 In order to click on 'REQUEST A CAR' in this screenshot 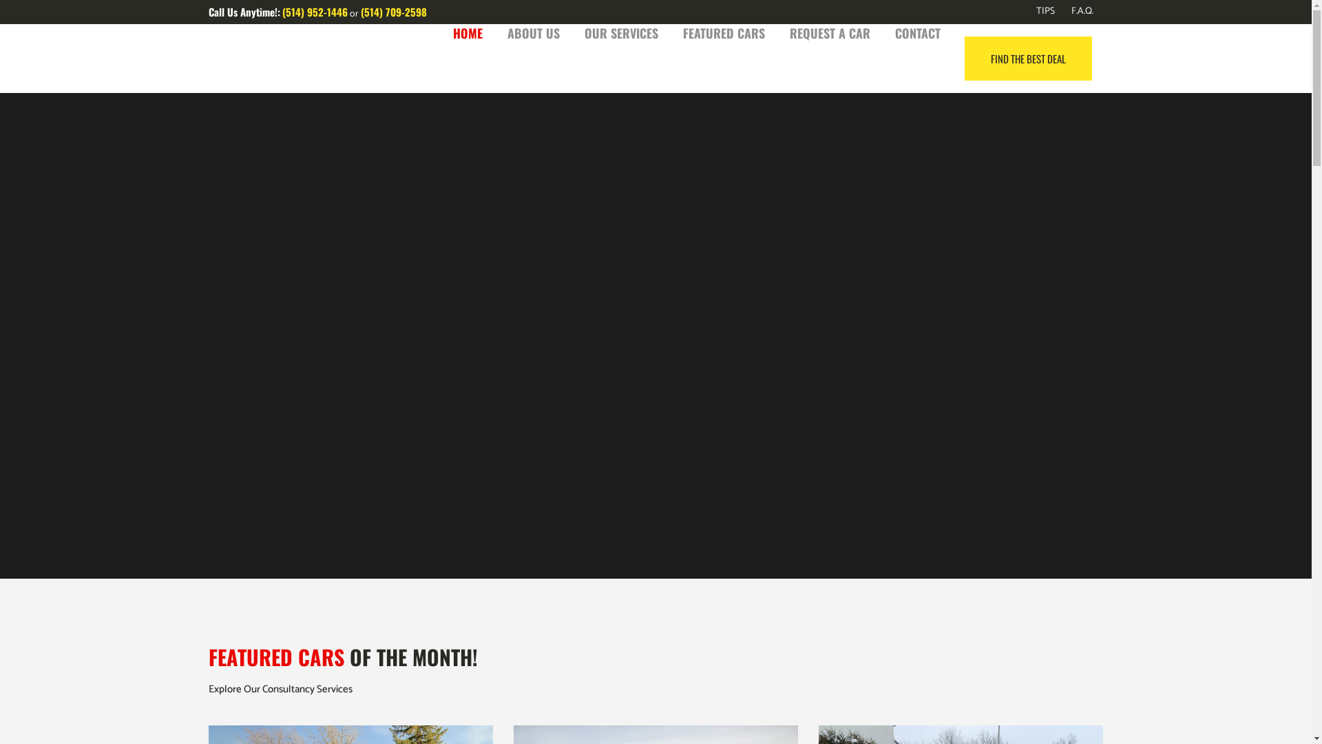, I will do `click(828, 32)`.